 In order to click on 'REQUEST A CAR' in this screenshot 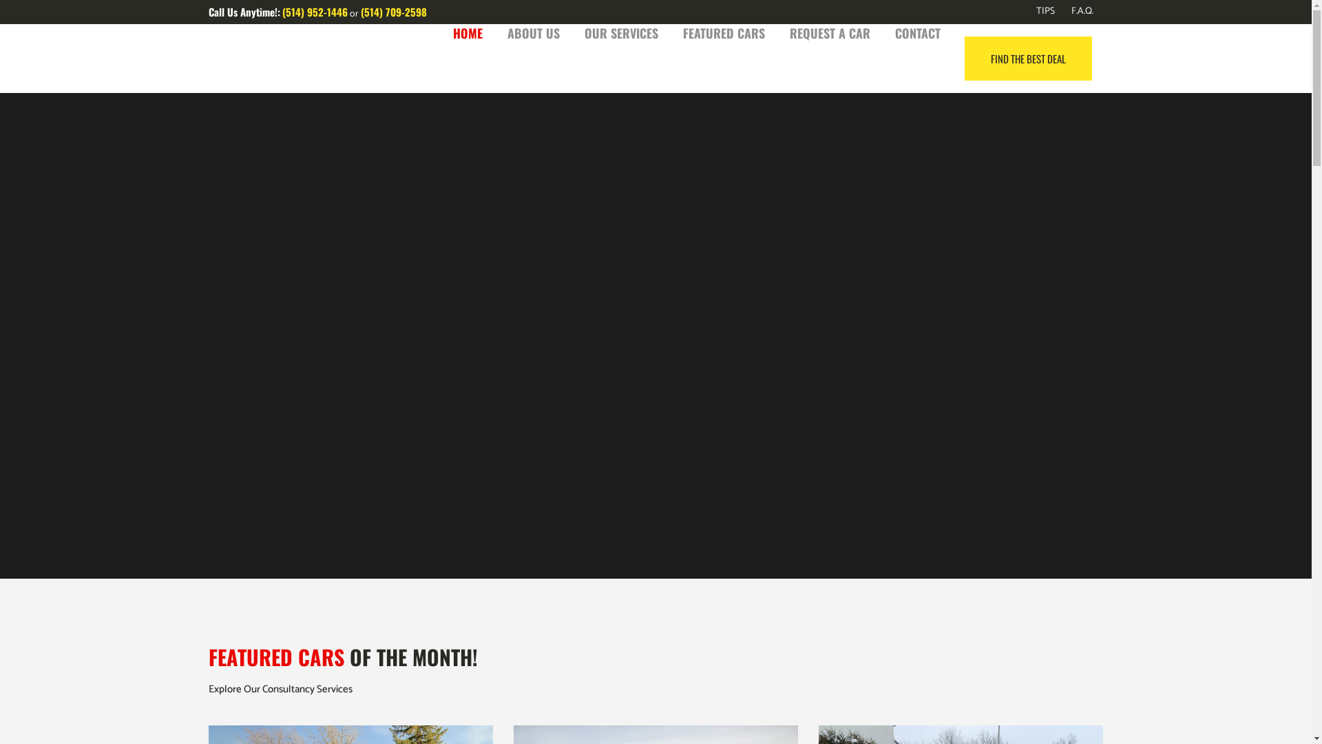, I will do `click(828, 32)`.